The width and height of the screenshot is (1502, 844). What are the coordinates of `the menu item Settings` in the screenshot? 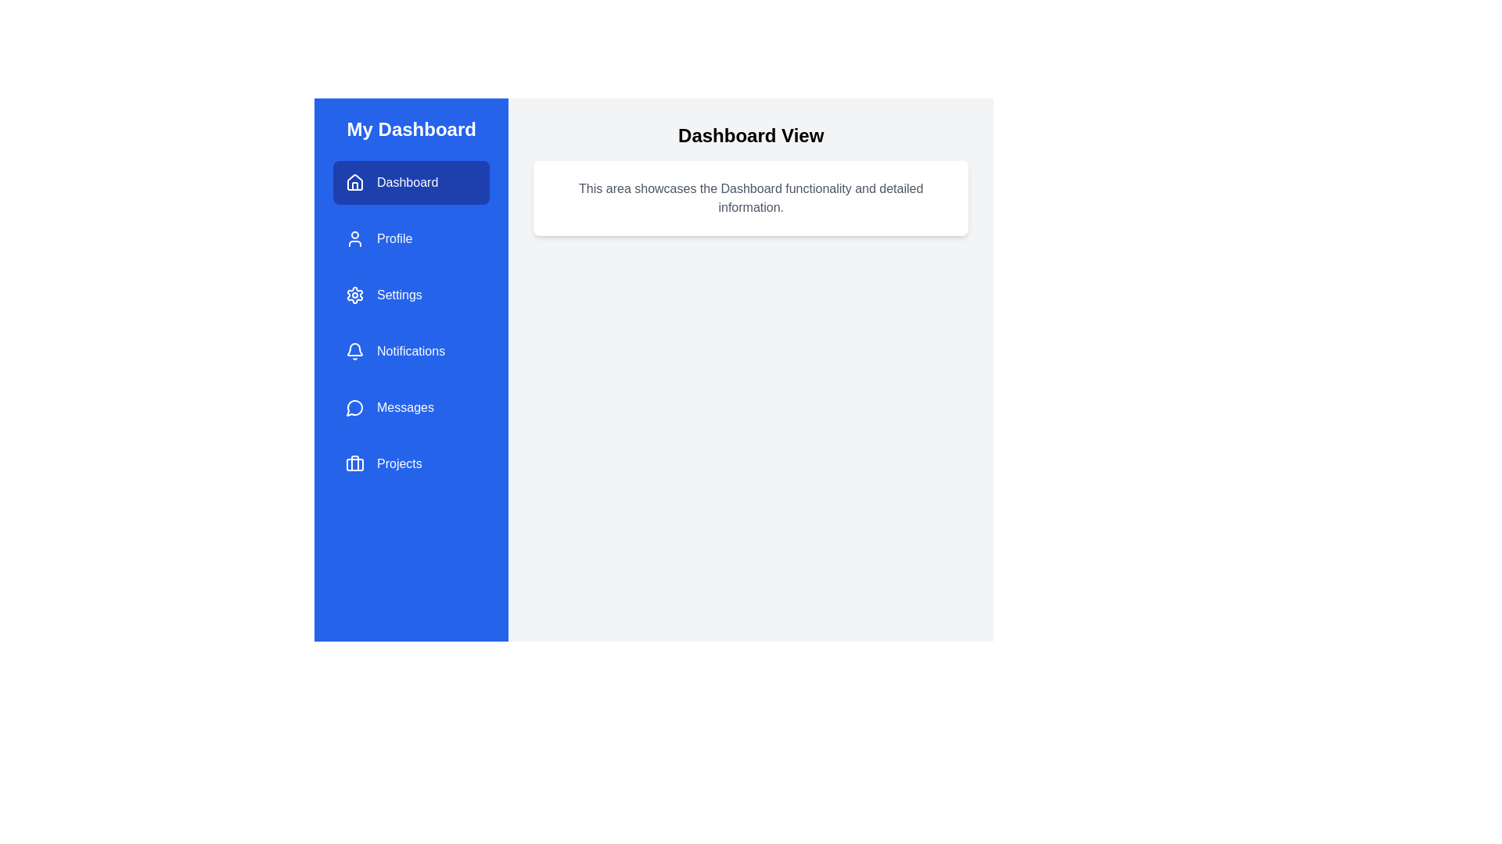 It's located at (411, 295).